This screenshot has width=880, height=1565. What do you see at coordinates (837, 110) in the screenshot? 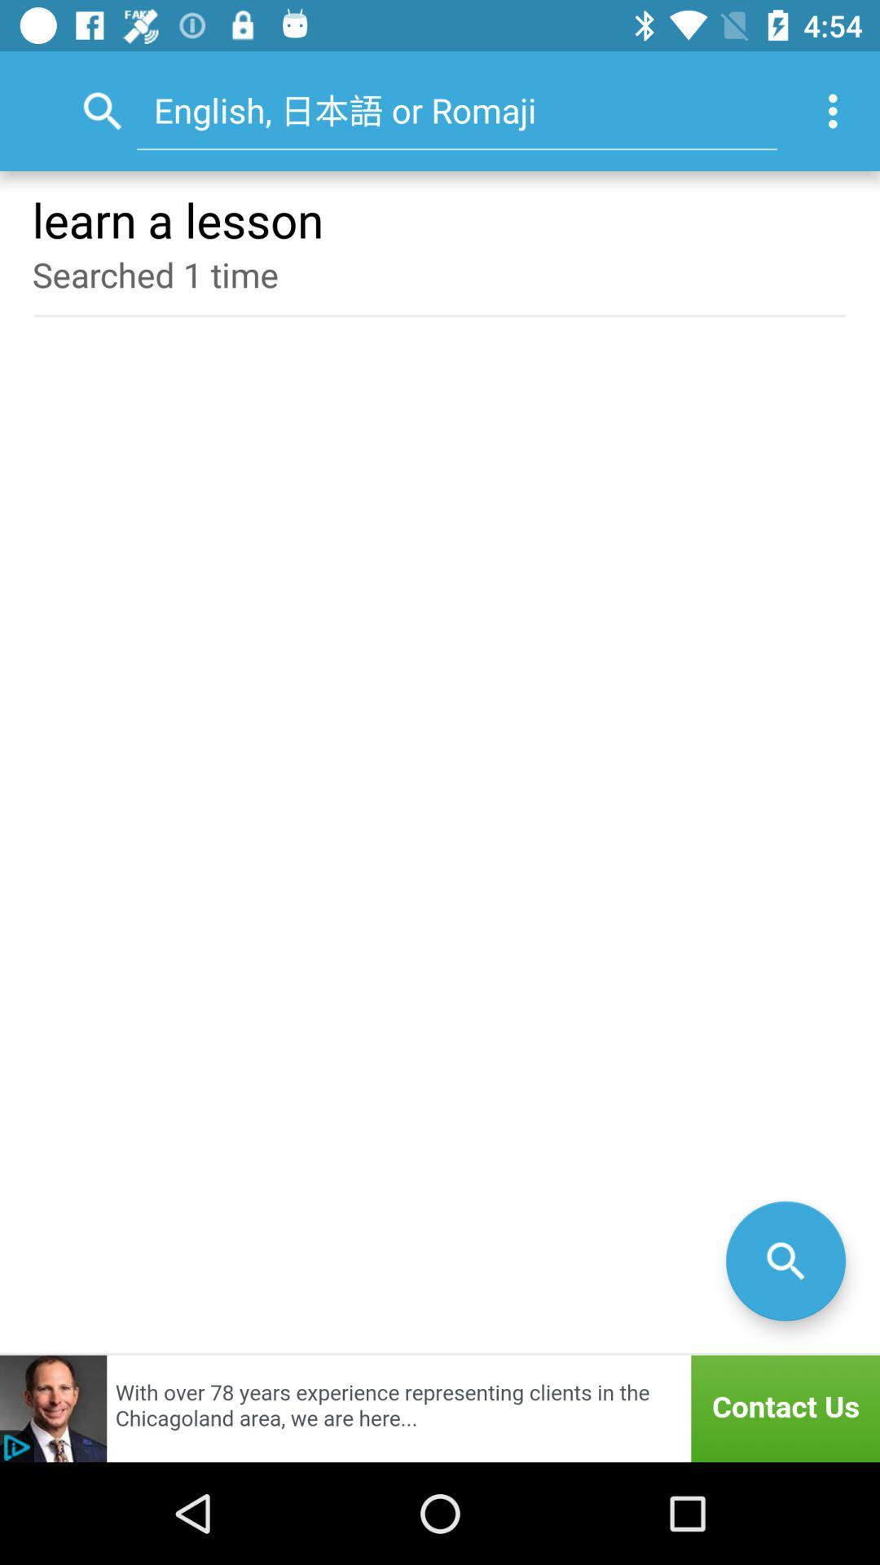
I see `icon above the learn a lesson` at bounding box center [837, 110].